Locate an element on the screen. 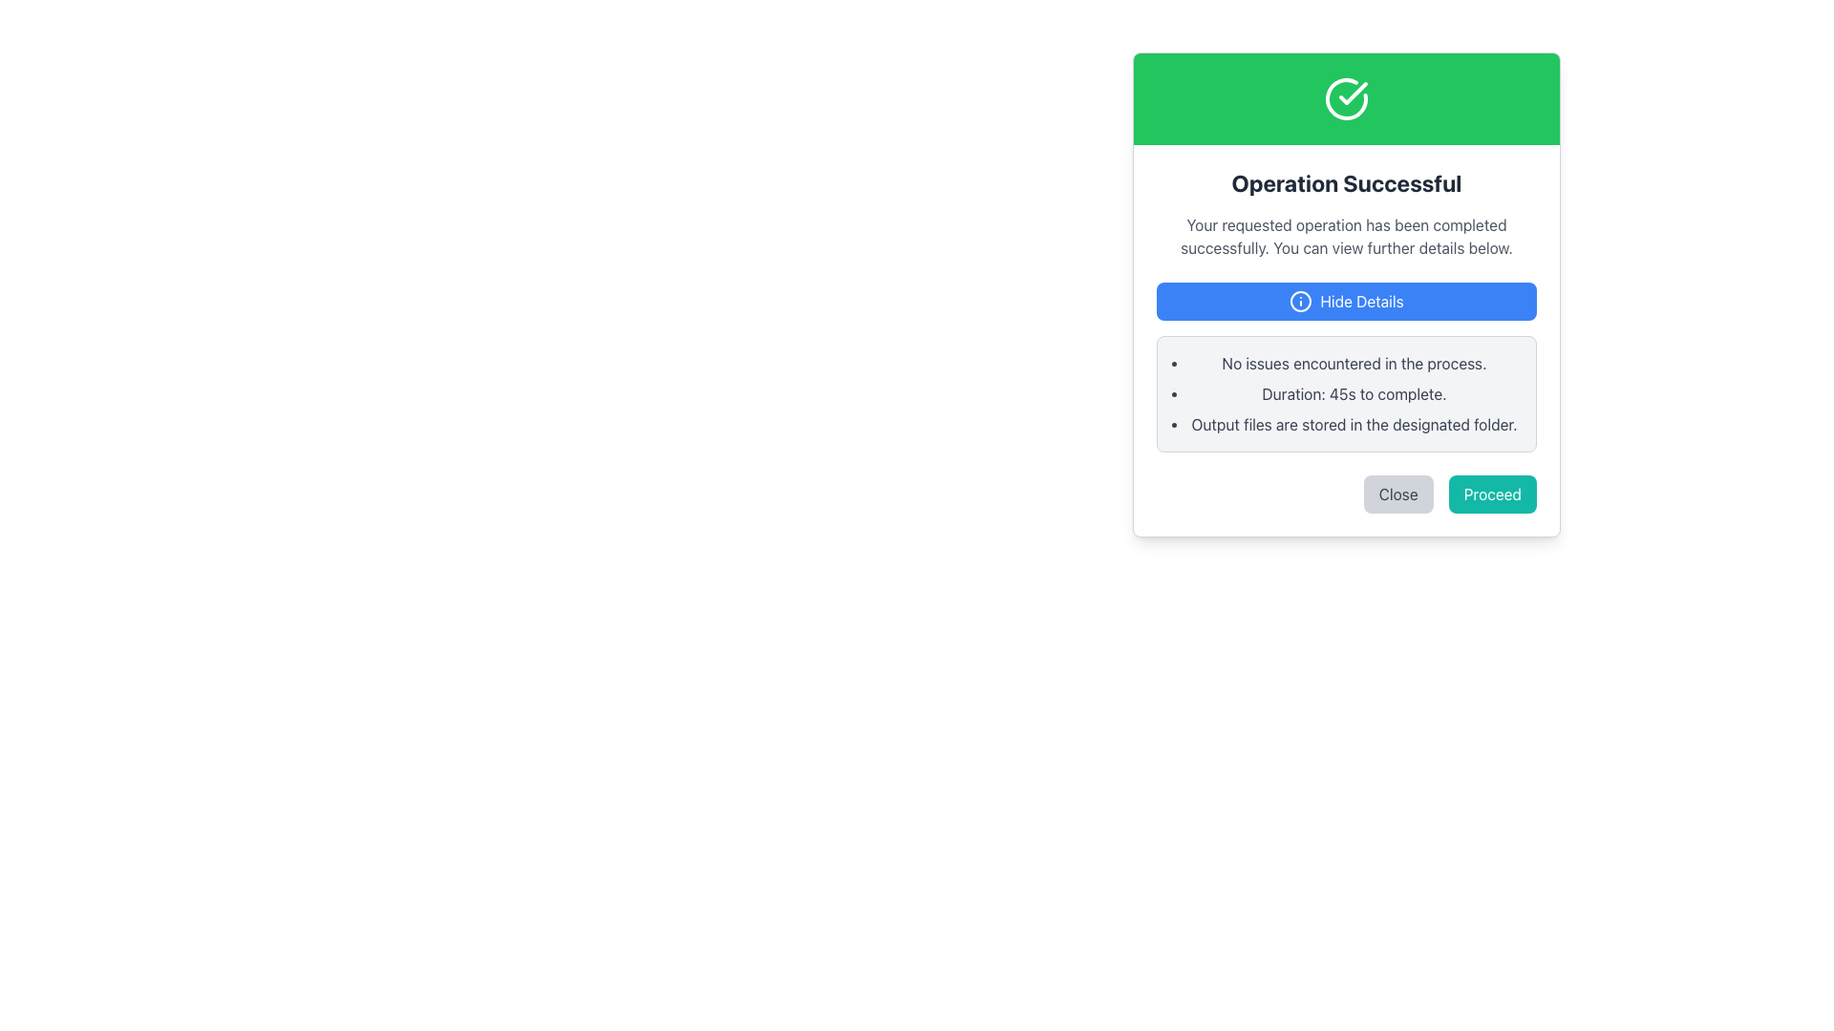  the static text element that indicates no issues were encountered during the process, located under the 'Operation Successful' header in the dialog box is located at coordinates (1353, 364).